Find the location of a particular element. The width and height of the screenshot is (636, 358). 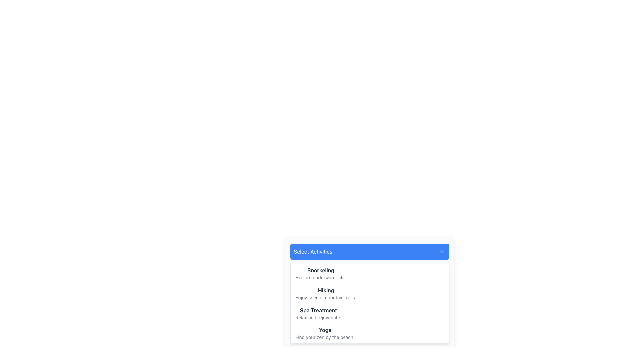

the fourth list item titled 'Yoga' in the dropdown menu is located at coordinates (325, 333).